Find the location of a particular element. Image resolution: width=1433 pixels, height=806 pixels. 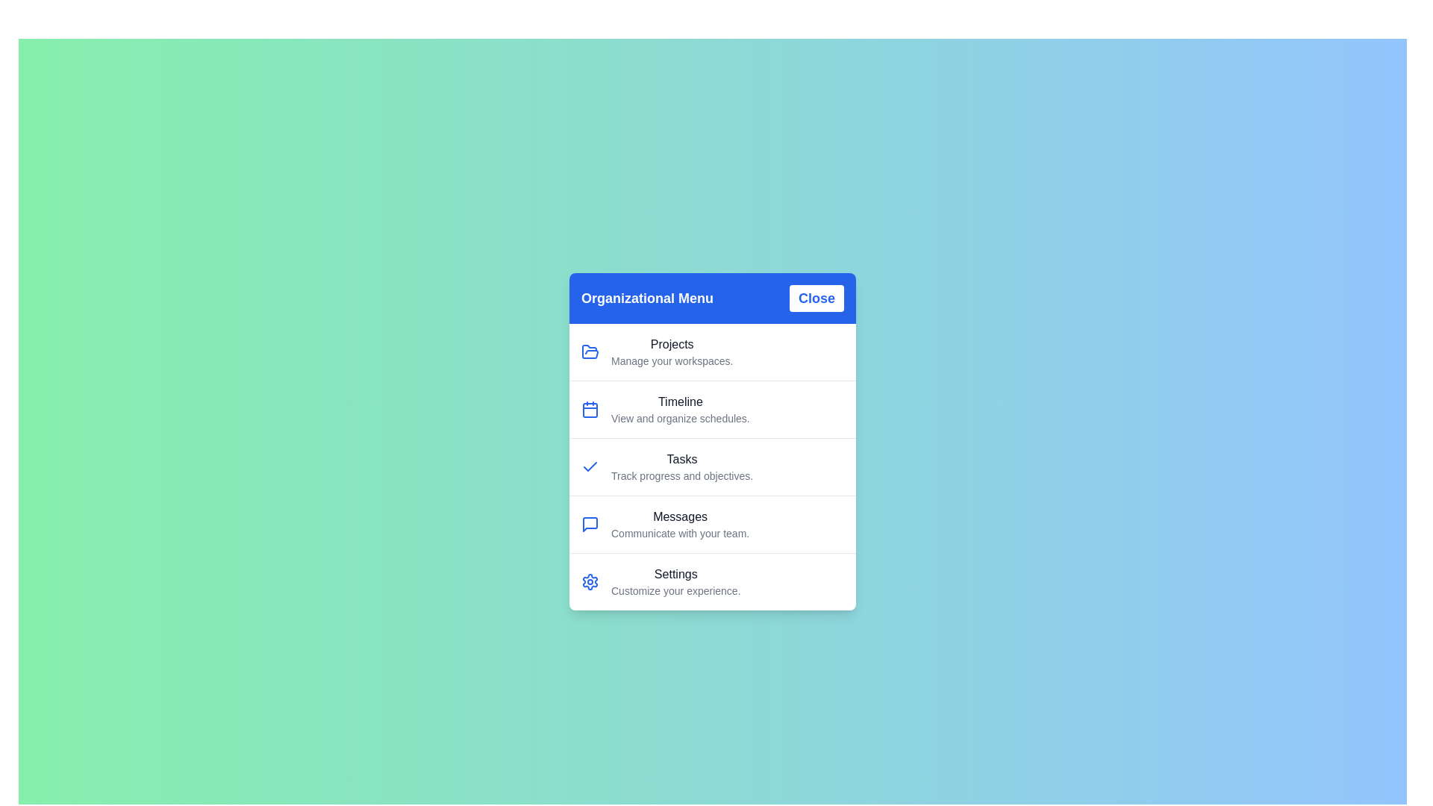

the menu item labeled Settings to trigger its hover state is located at coordinates (712, 581).